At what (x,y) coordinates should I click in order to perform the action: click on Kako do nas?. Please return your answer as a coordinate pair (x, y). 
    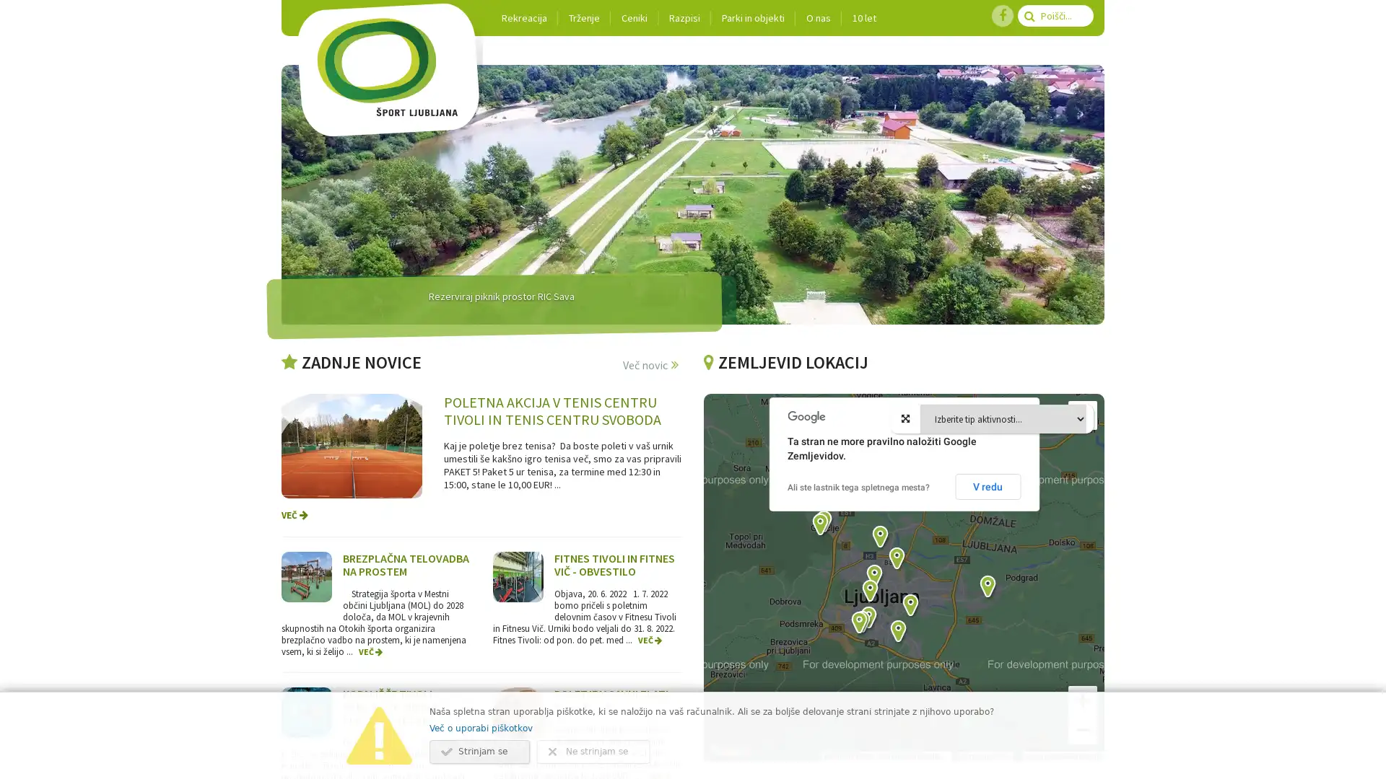
    Looking at the image, I should click on (874, 636).